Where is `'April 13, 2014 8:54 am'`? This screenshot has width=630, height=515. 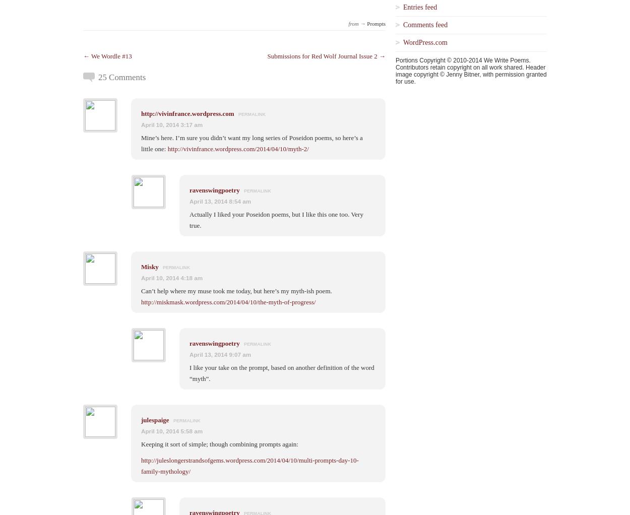
'April 13, 2014 8:54 am' is located at coordinates (220, 200).